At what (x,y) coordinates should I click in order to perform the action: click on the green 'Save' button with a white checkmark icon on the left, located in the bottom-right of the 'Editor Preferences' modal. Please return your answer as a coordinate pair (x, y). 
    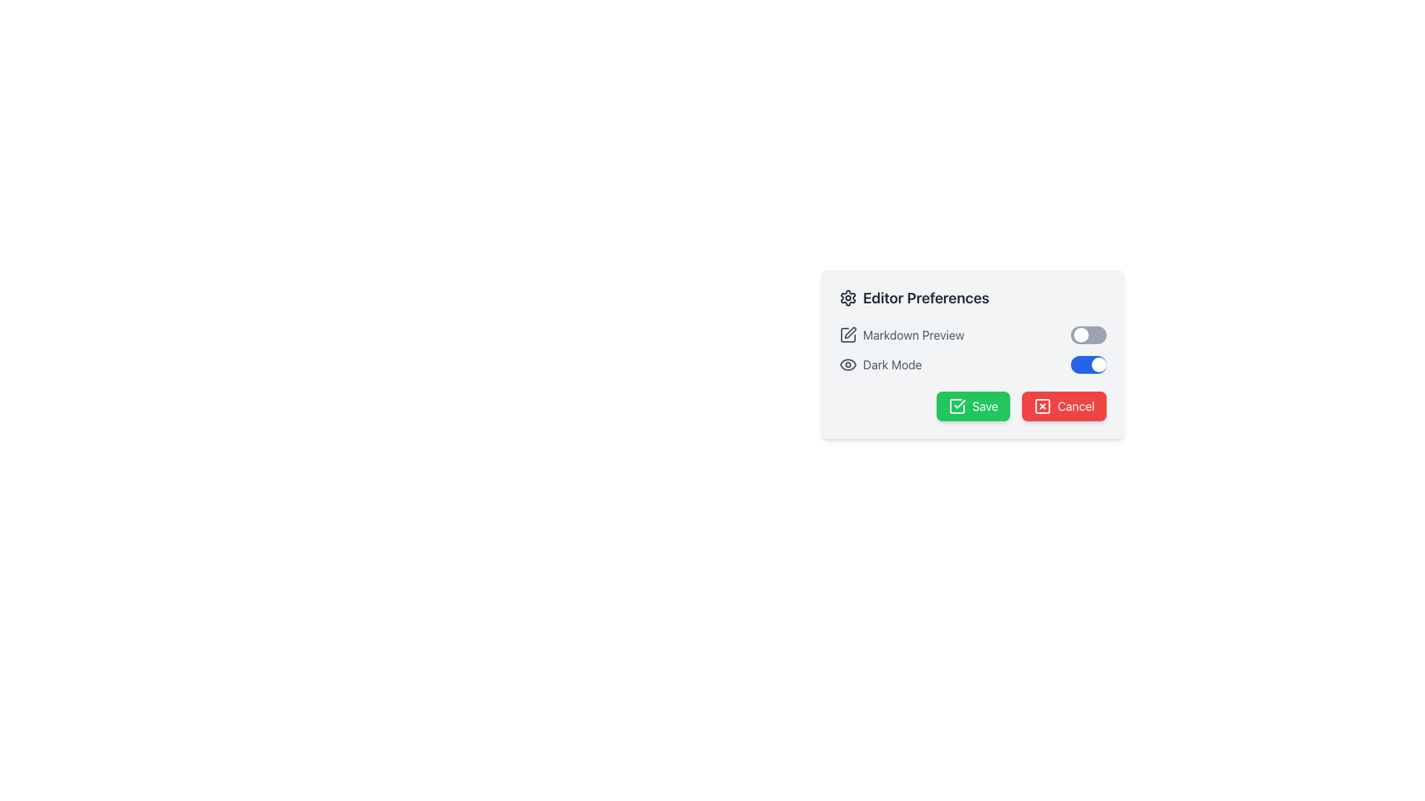
    Looking at the image, I should click on (973, 406).